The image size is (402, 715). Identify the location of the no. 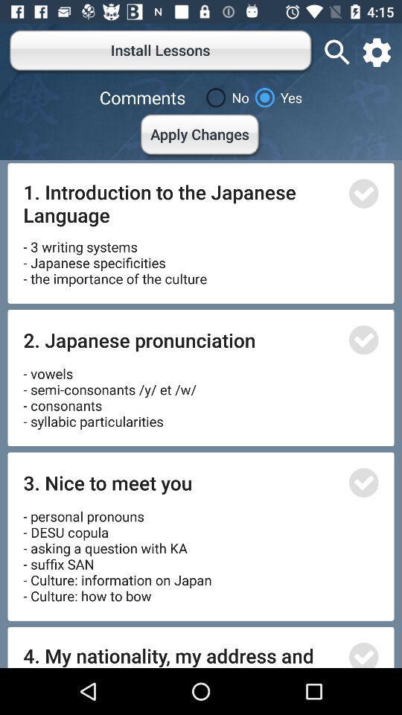
(224, 97).